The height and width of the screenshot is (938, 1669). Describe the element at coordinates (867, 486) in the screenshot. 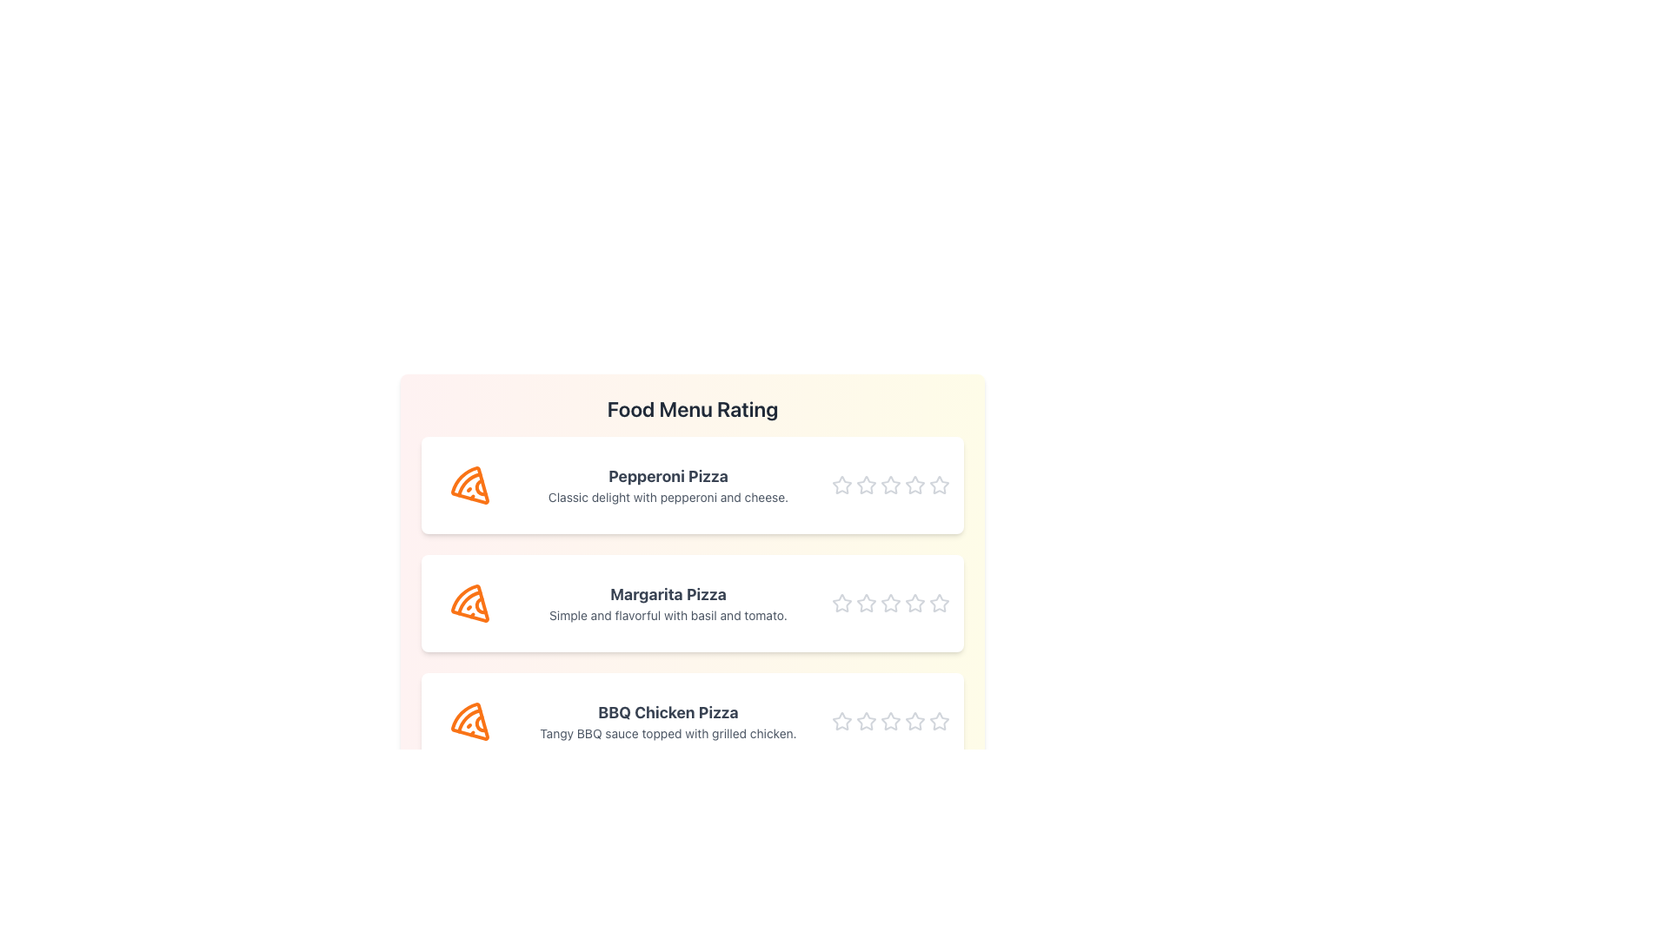

I see `the second star in the rating system for the 'Pepperoni Pizza' to trigger the hover animation` at that location.